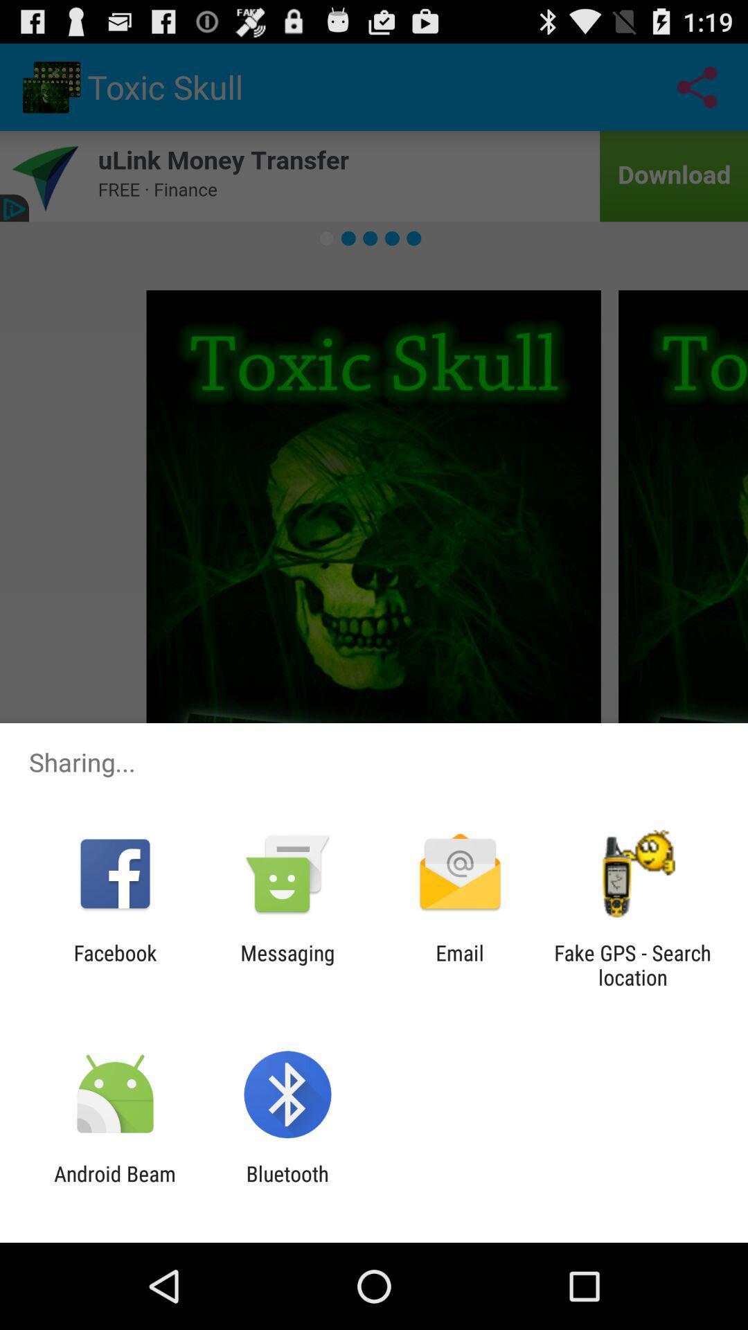  I want to click on item to the left of the fake gps search icon, so click(460, 964).